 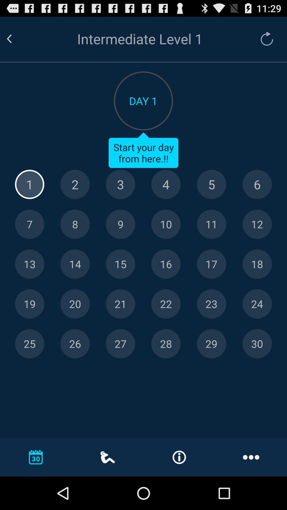 What do you see at coordinates (75, 264) in the screenshot?
I see `day 14` at bounding box center [75, 264].